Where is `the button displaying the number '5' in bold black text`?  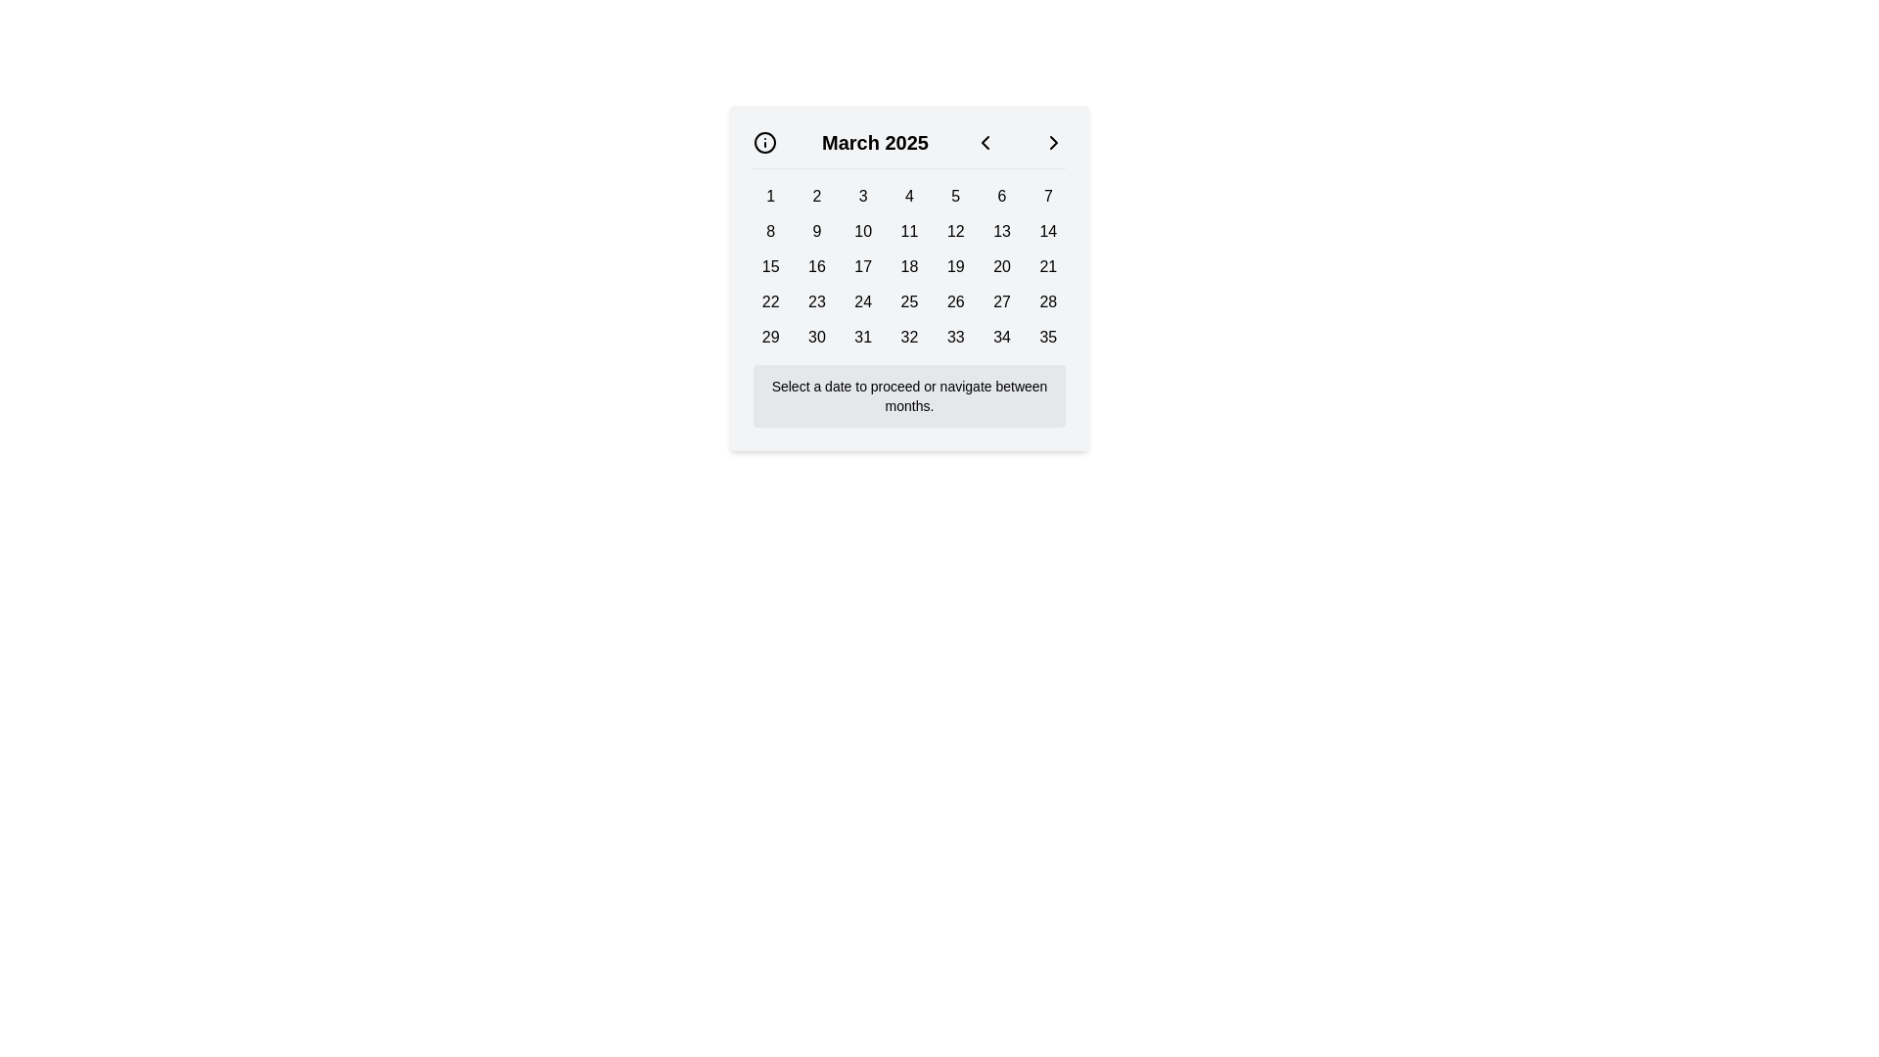 the button displaying the number '5' in bold black text is located at coordinates (955, 196).